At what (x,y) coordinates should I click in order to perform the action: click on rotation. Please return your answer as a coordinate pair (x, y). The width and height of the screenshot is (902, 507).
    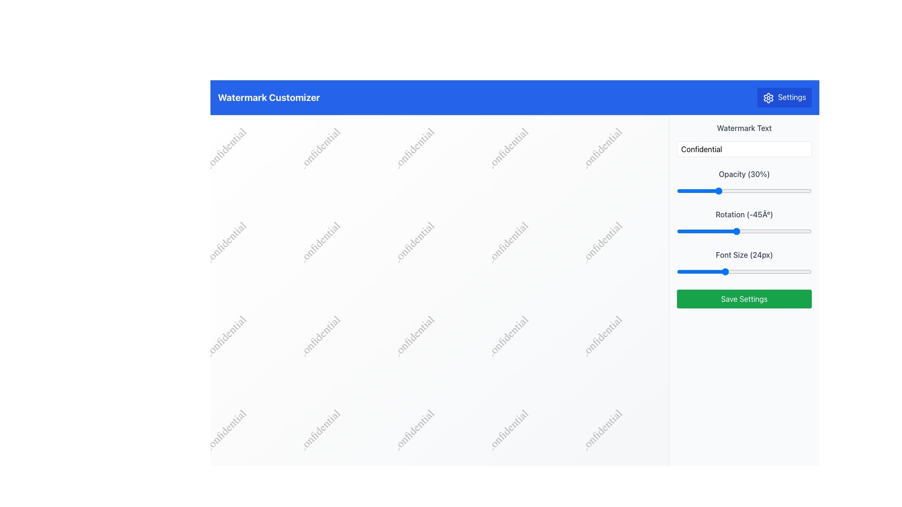
    Looking at the image, I should click on (805, 231).